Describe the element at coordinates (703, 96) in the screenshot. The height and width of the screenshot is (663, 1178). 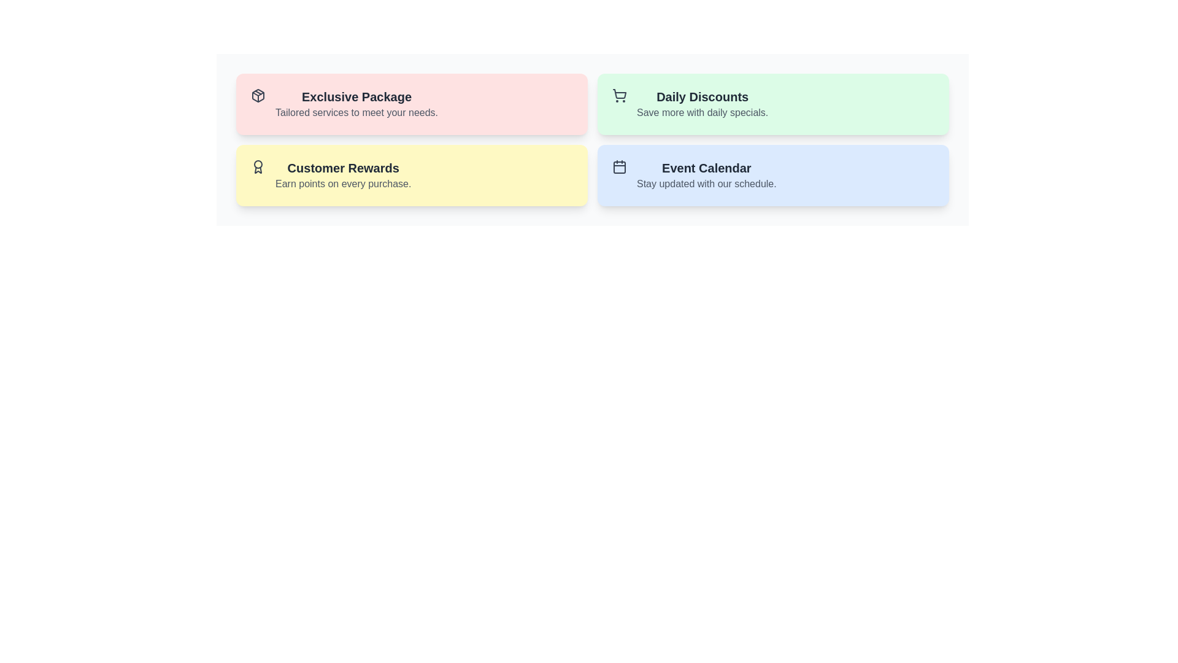
I see `the title text element that describes daily discounts, positioned centrally above the text 'Save more with daily specials.' within the green box in the upper right section of the interface` at that location.